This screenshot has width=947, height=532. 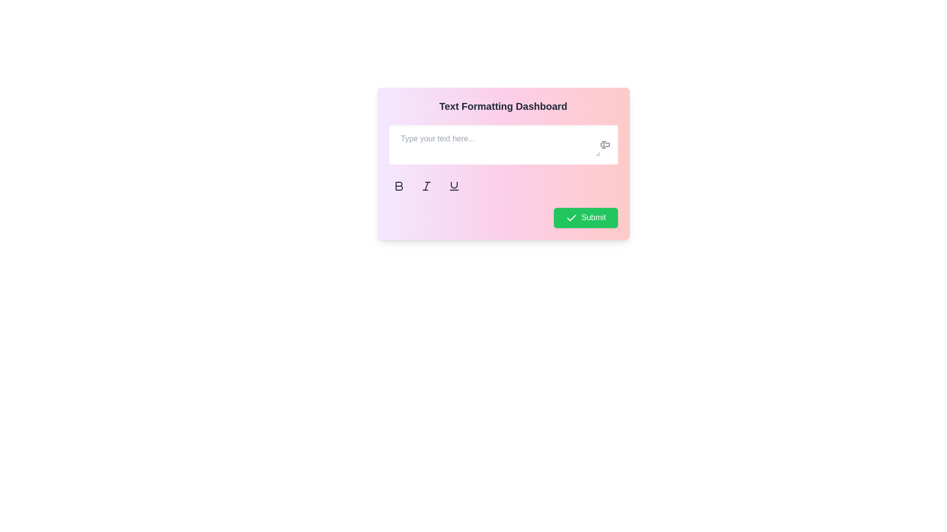 What do you see at coordinates (426, 186) in the screenshot?
I see `the middle button for toggling italic formatting in the text input field` at bounding box center [426, 186].